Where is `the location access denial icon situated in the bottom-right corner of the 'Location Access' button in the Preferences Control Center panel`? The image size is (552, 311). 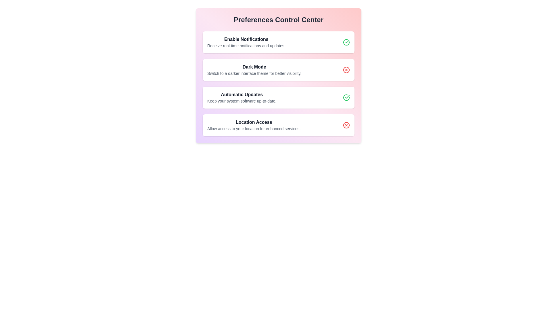
the location access denial icon situated in the bottom-right corner of the 'Location Access' button in the Preferences Control Center panel is located at coordinates (346, 125).